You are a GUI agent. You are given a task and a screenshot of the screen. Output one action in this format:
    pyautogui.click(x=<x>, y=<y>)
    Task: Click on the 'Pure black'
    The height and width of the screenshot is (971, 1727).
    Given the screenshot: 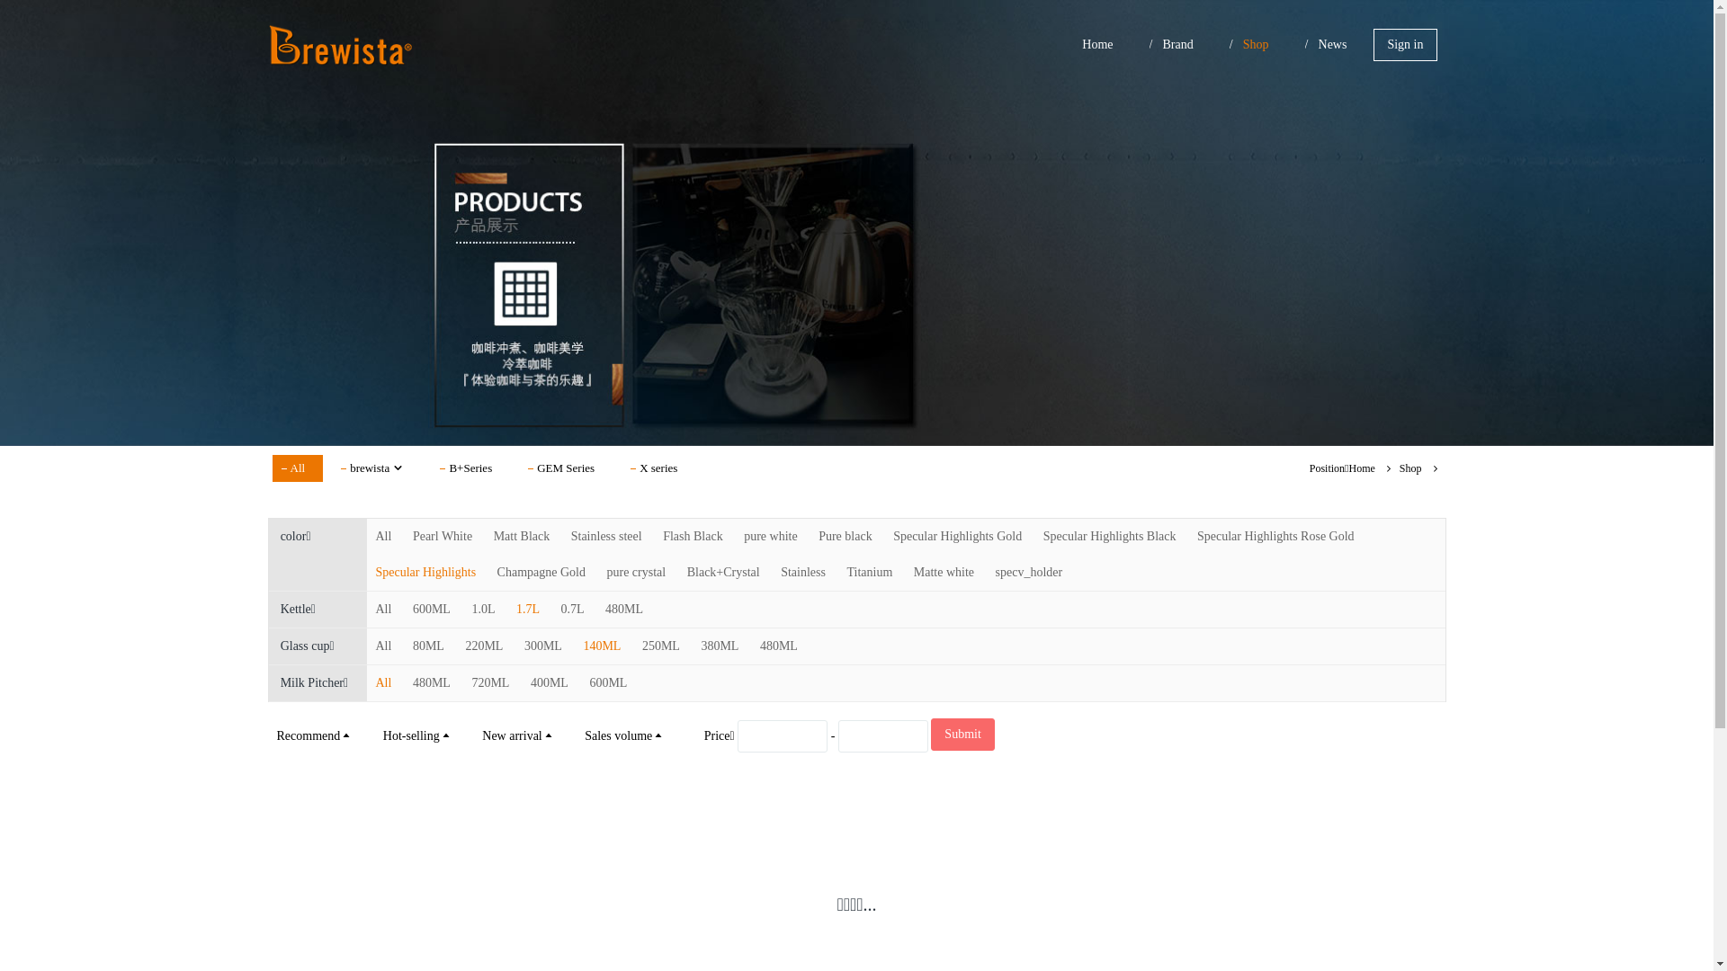 What is the action you would take?
    pyautogui.click(x=844, y=535)
    